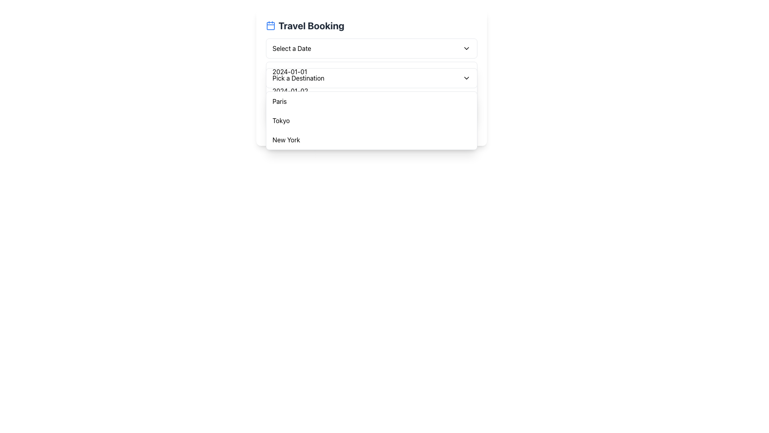 The width and height of the screenshot is (769, 433). What do you see at coordinates (371, 91) in the screenshot?
I see `the dropdown menu containing date options styled with rounded corners and a shadow effect, located below the 'Select a Date' field in the 'Travel Booking' form` at bounding box center [371, 91].